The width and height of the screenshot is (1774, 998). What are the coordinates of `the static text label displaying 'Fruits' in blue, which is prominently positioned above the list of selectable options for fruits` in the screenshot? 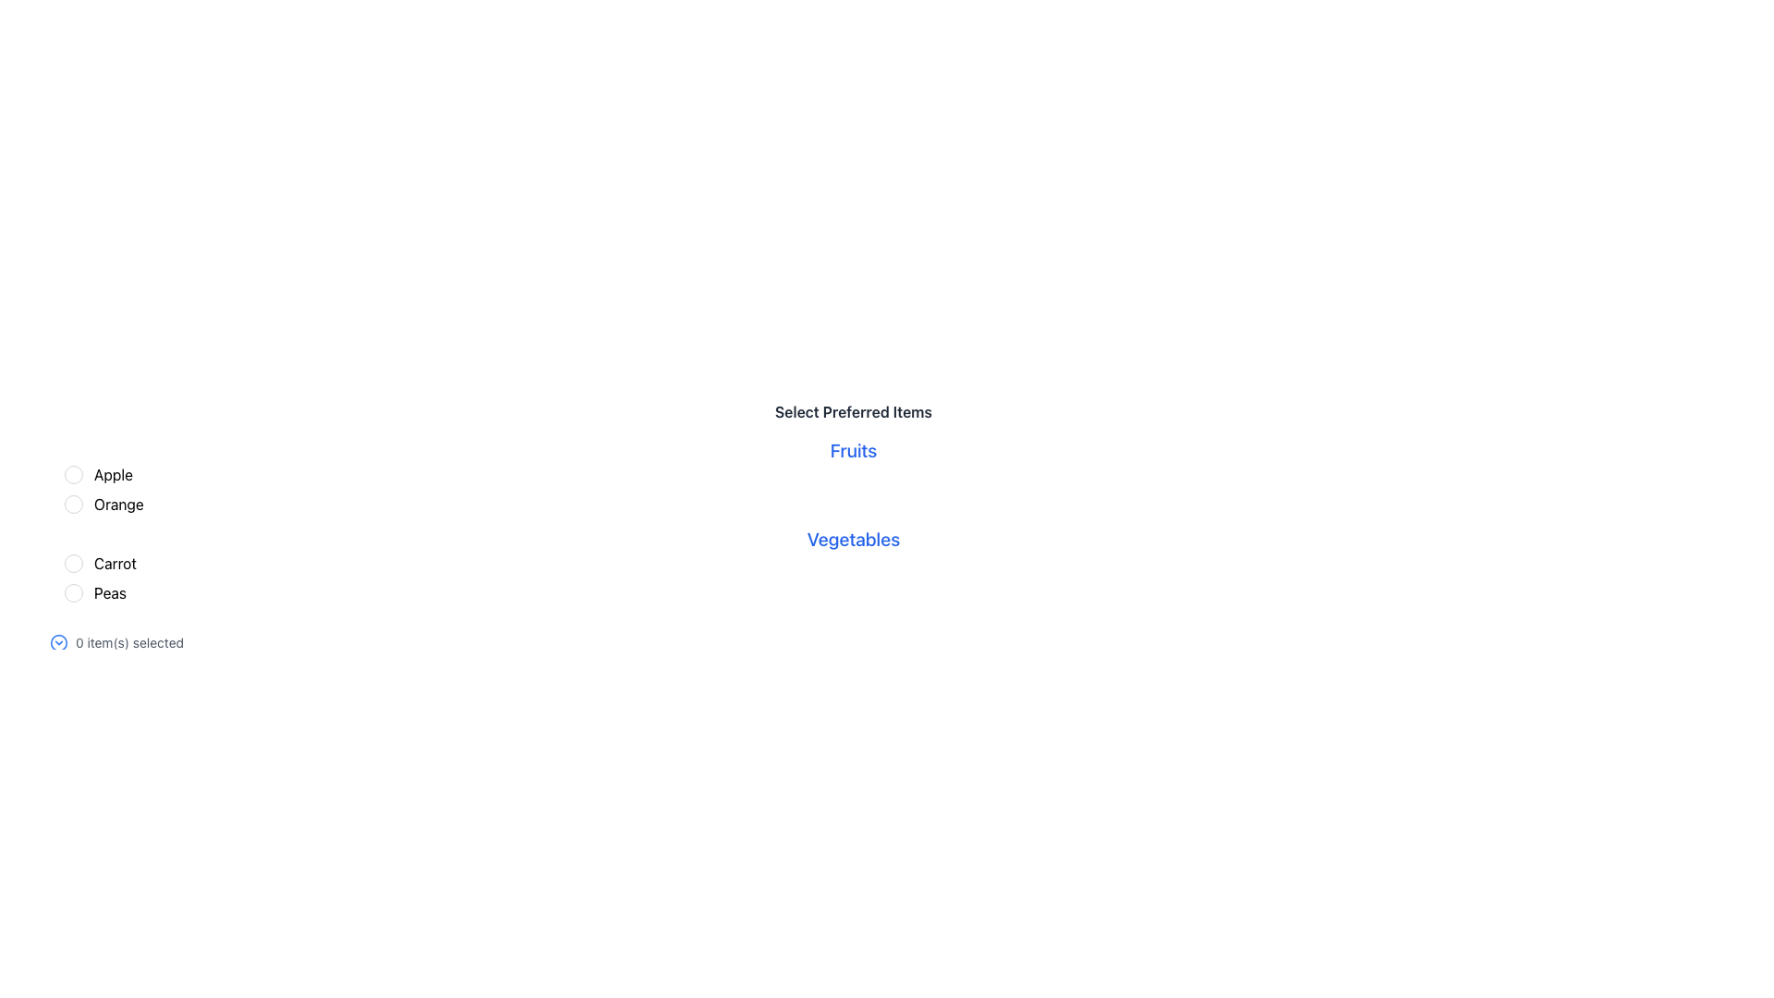 It's located at (853, 451).